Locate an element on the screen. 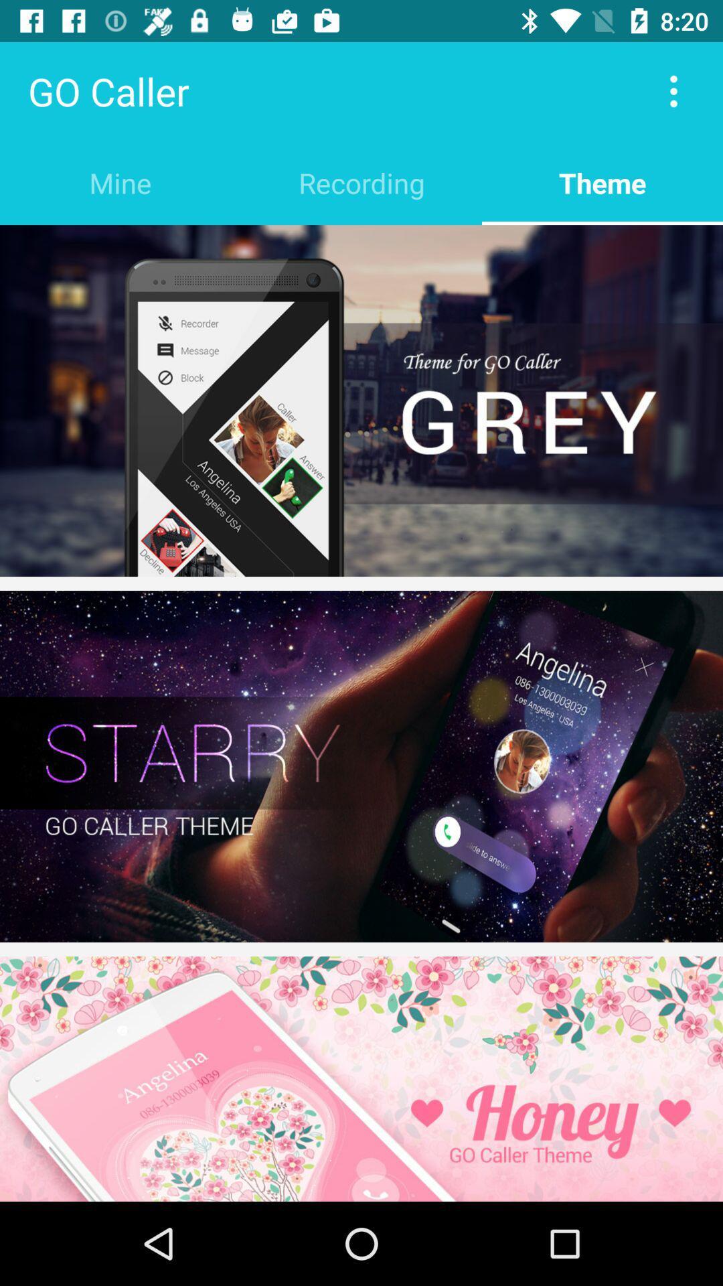 The width and height of the screenshot is (723, 1286). item next to the theme icon is located at coordinates (361, 182).